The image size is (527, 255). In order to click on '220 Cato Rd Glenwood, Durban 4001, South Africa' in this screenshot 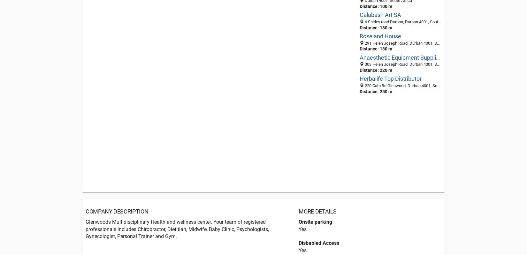, I will do `click(363, 85)`.